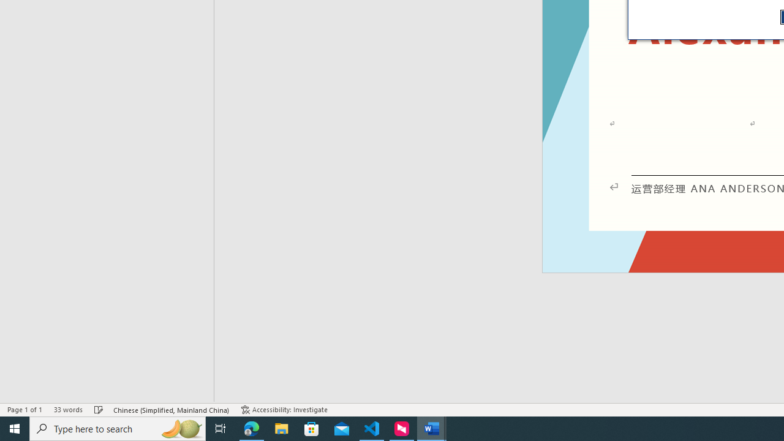  I want to click on 'Microsoft Store', so click(312, 428).